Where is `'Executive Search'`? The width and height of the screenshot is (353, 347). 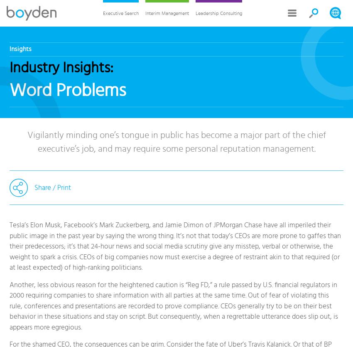 'Executive Search' is located at coordinates (120, 13).